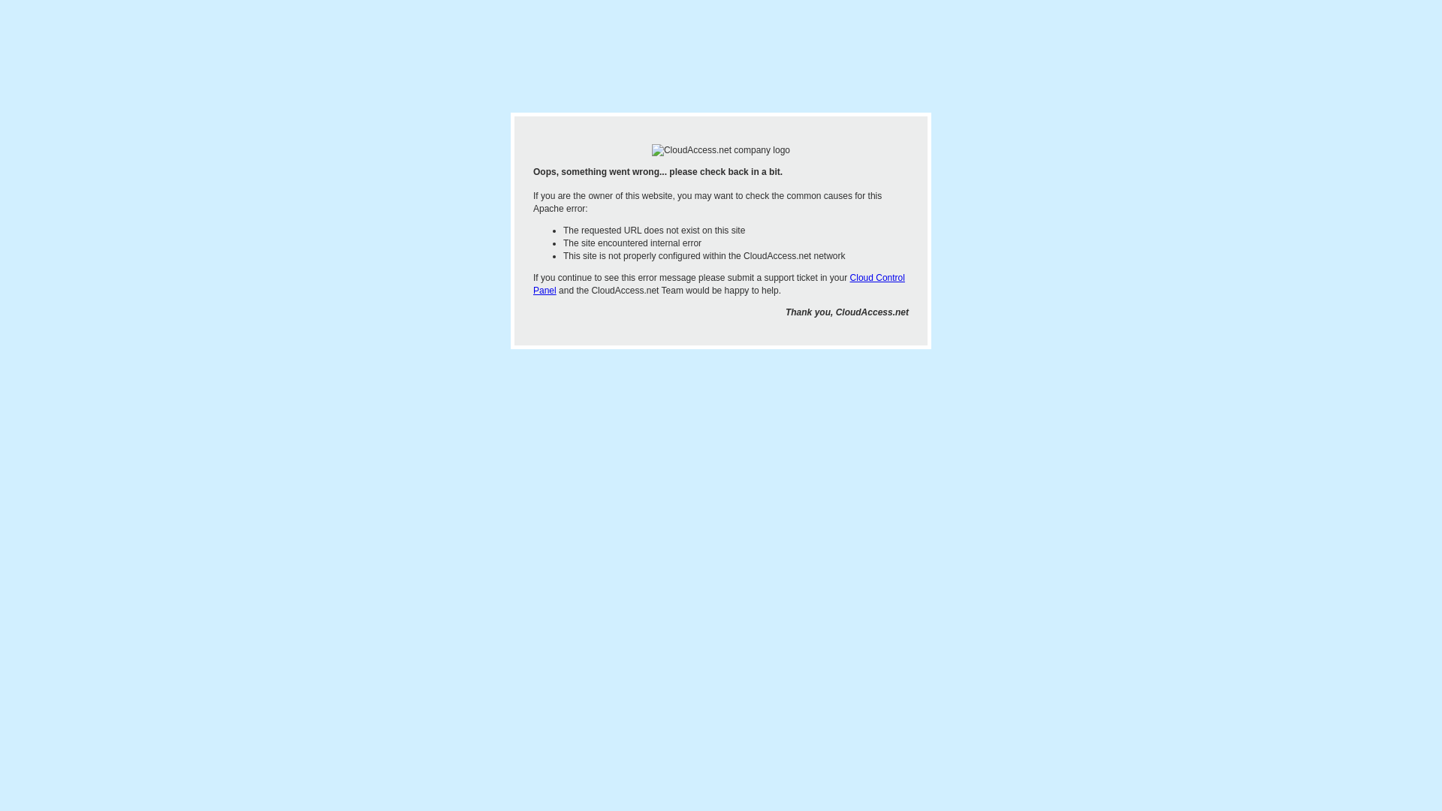 This screenshot has height=811, width=1442. I want to click on 'Cloud Control Panel', so click(718, 284).